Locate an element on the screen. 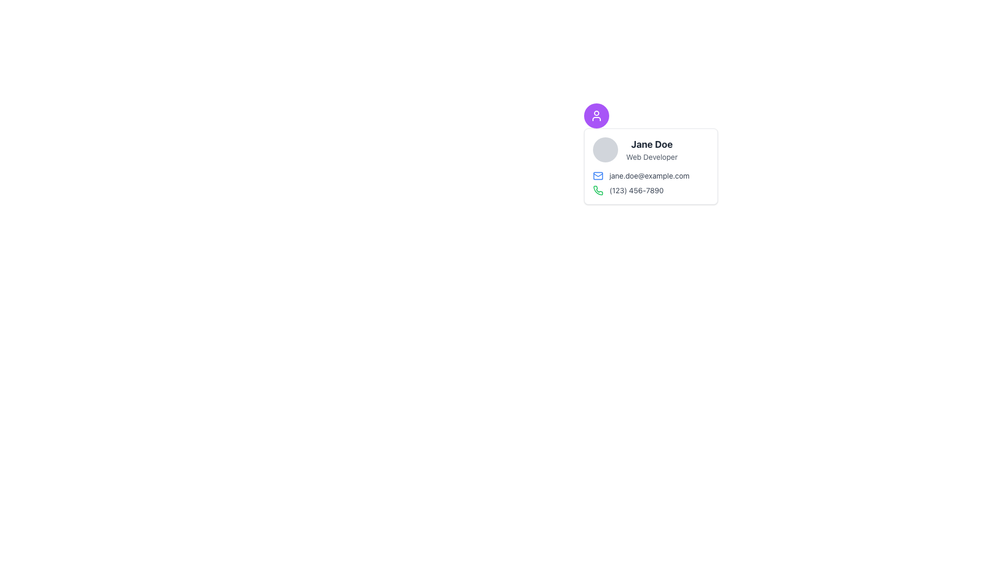  the user name text label in the profile block, which is positioned in the top row and above the 'Web Developer' text element is located at coordinates (651, 145).